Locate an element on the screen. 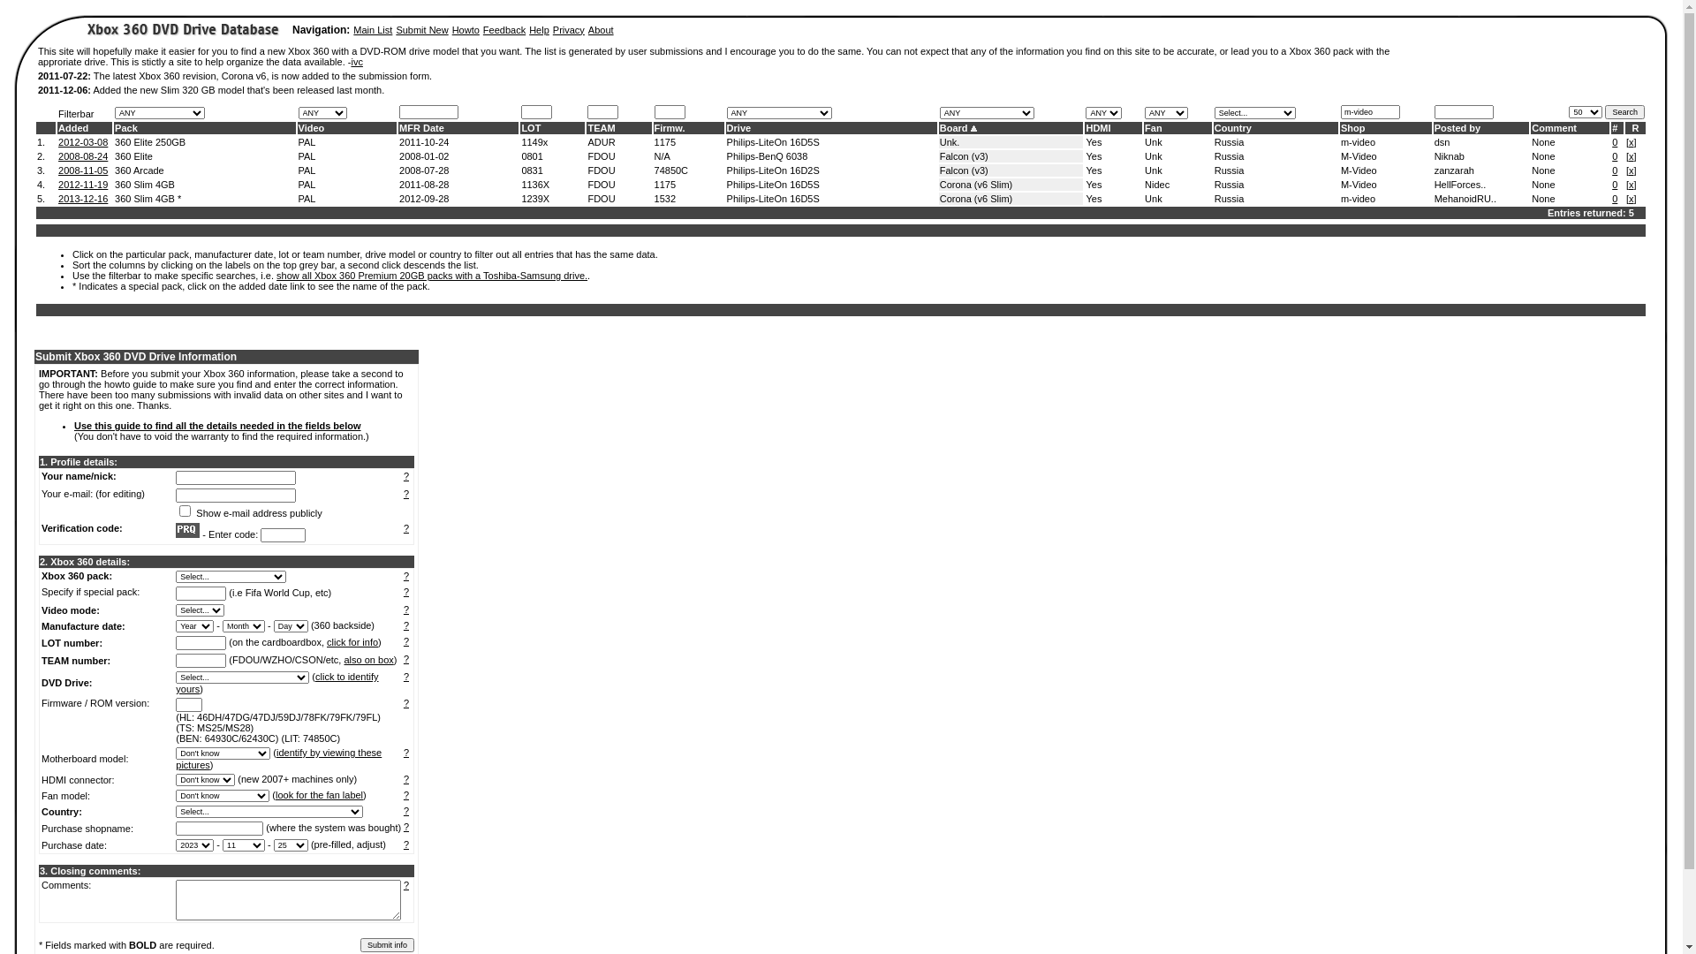  '2013-12-16' is located at coordinates (58, 198).